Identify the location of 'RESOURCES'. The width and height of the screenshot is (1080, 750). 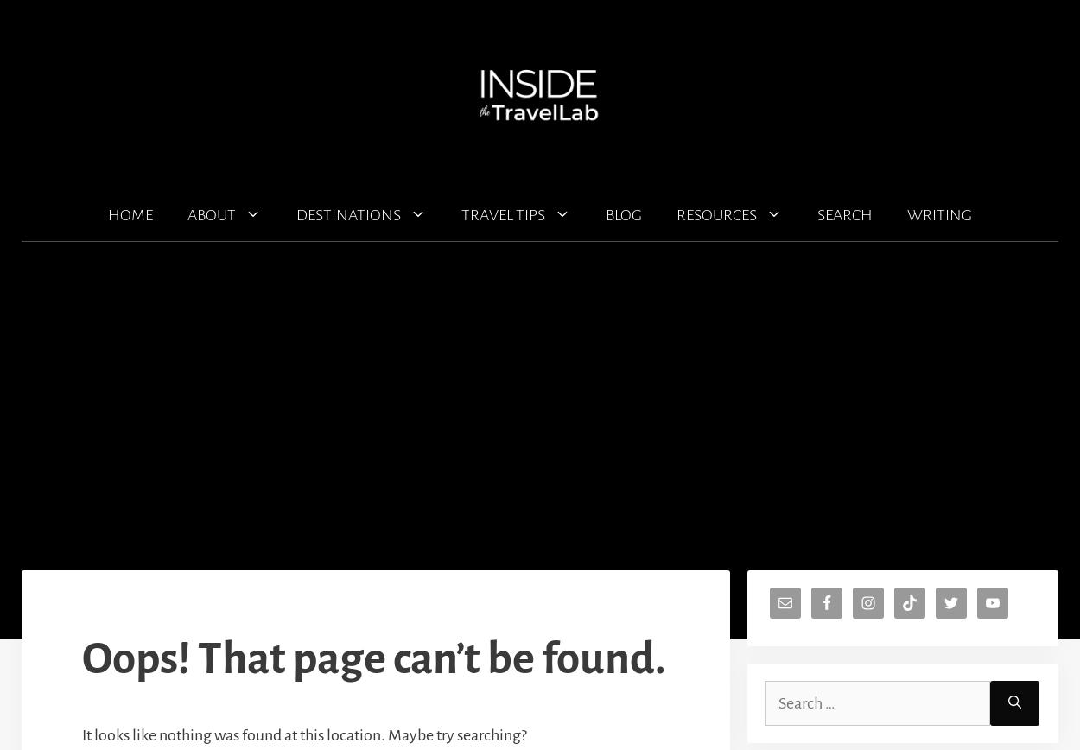
(715, 215).